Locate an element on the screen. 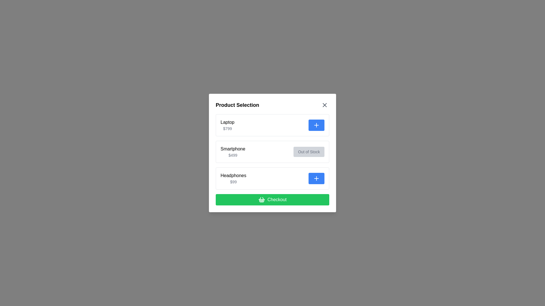 This screenshot has height=306, width=545. the close button to close the dialog is located at coordinates (324, 105).